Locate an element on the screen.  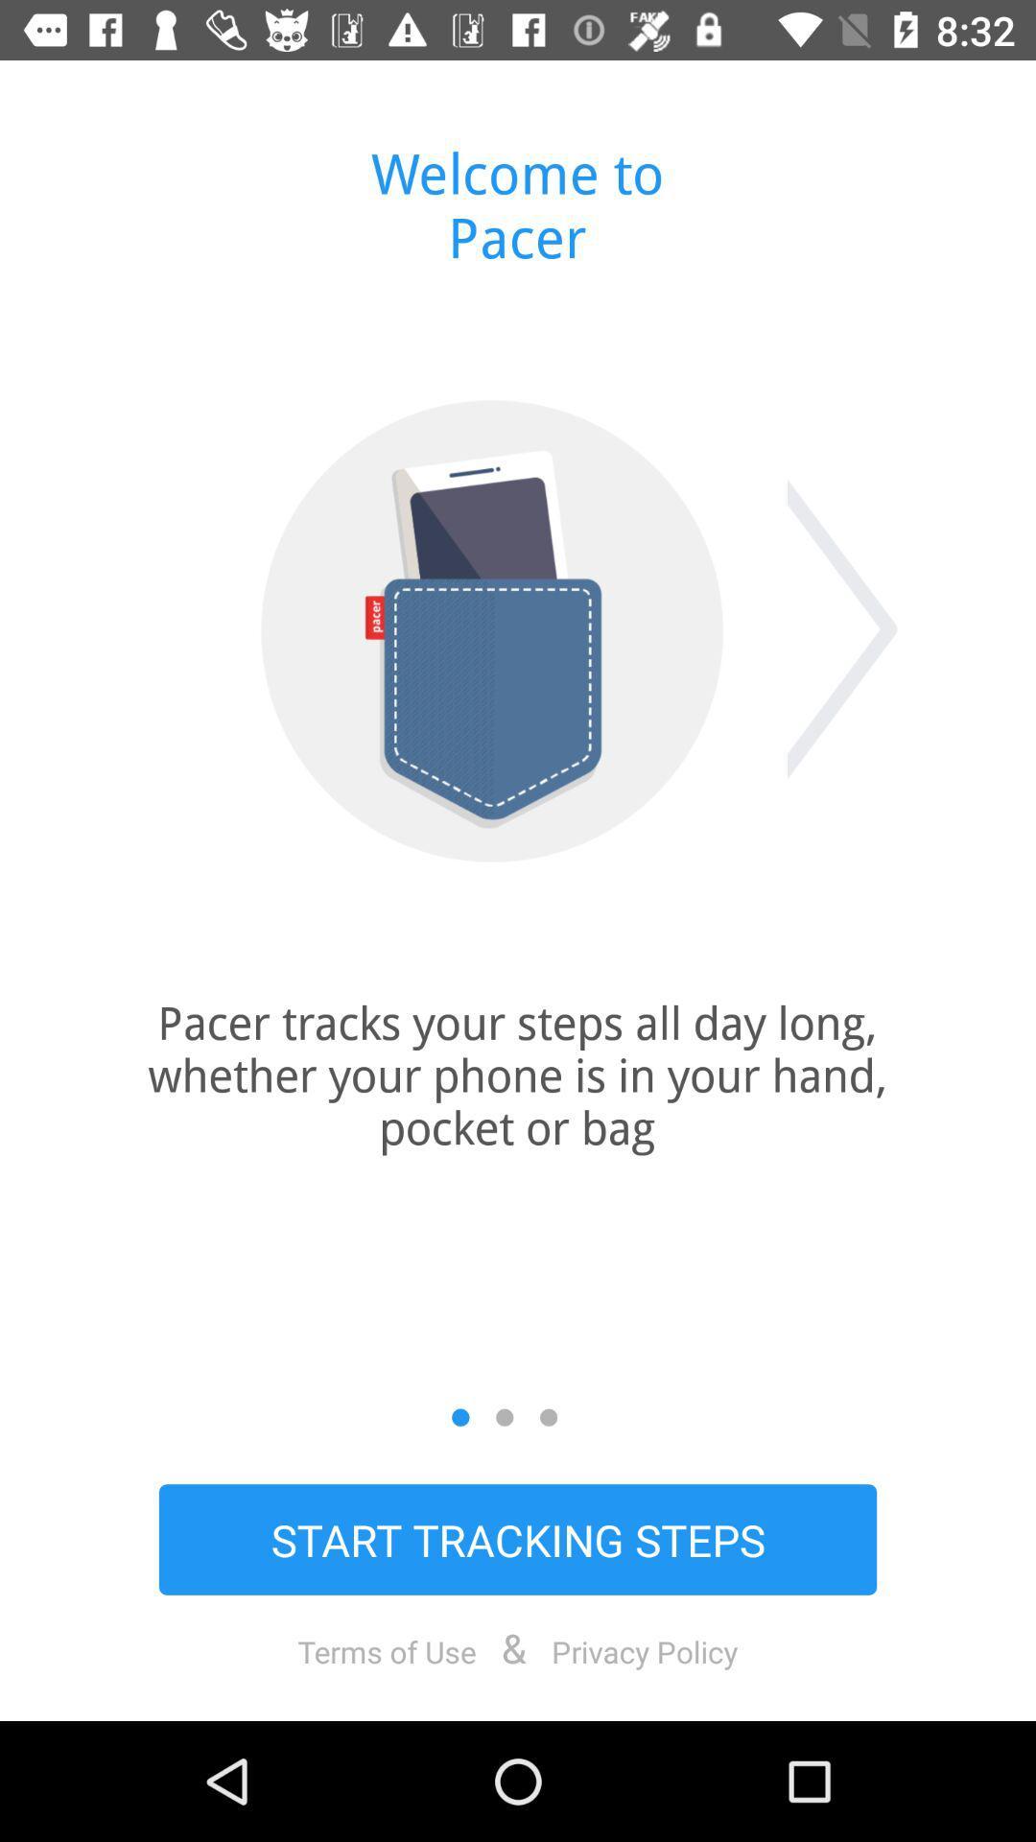
start tracking steps icon is located at coordinates (518, 1539).